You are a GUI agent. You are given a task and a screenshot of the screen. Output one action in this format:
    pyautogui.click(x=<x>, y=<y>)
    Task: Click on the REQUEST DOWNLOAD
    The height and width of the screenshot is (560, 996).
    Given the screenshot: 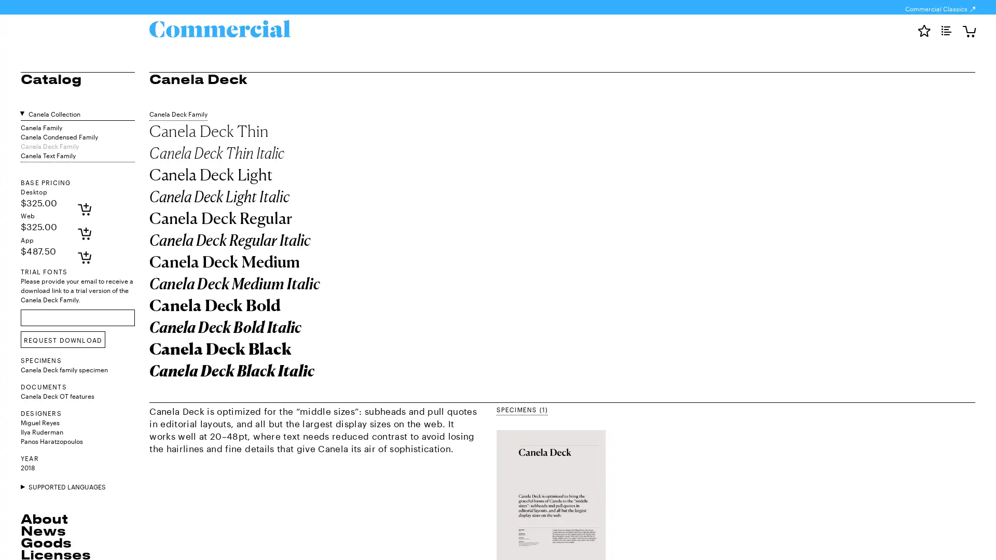 What is the action you would take?
    pyautogui.click(x=62, y=340)
    